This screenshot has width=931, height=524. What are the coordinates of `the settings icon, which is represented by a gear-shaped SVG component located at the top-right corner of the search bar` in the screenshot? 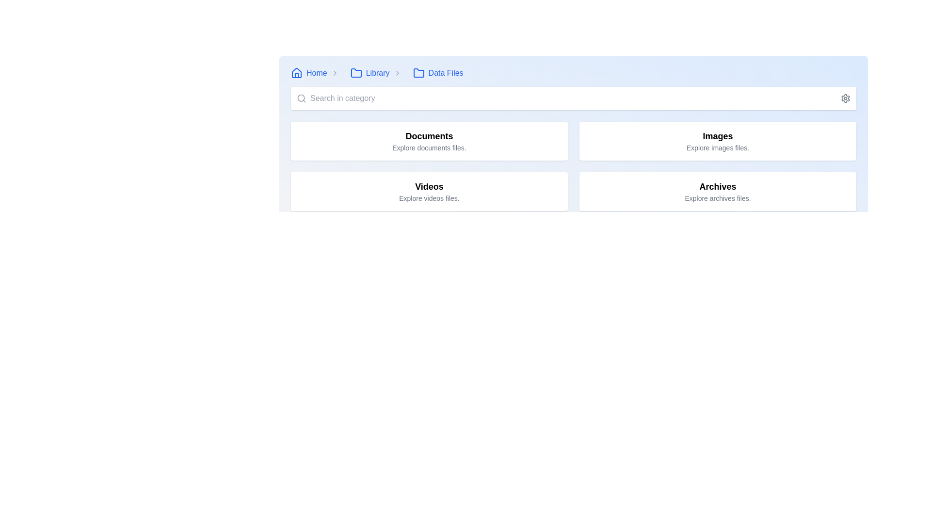 It's located at (845, 98).